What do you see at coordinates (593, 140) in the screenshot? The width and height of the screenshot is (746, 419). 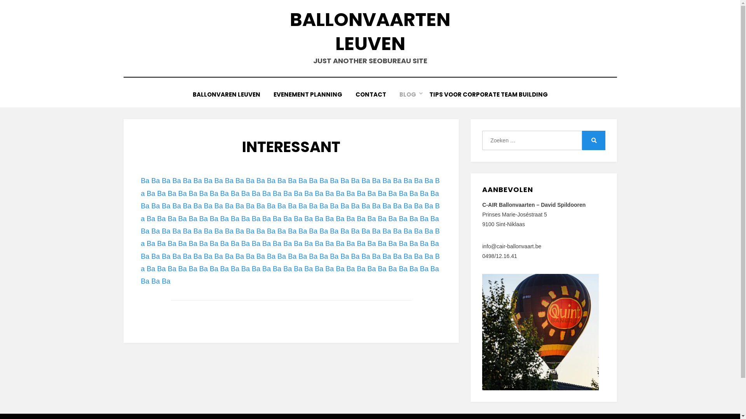 I see `'Zoeken'` at bounding box center [593, 140].